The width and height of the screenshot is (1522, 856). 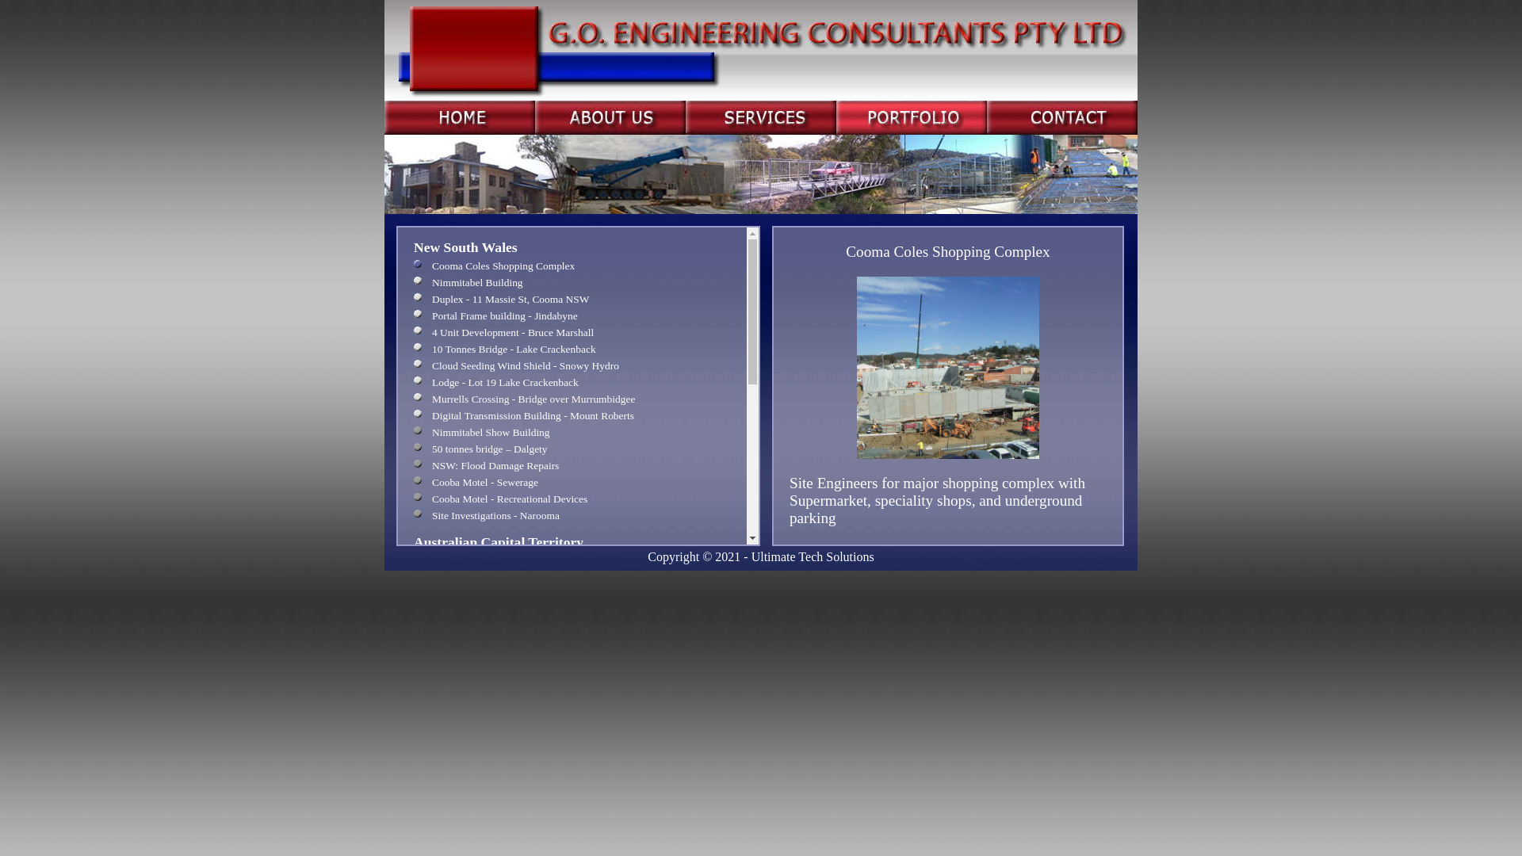 What do you see at coordinates (414, 348) in the screenshot?
I see `'10 Tonnes Bridge - Lake Crackenback'` at bounding box center [414, 348].